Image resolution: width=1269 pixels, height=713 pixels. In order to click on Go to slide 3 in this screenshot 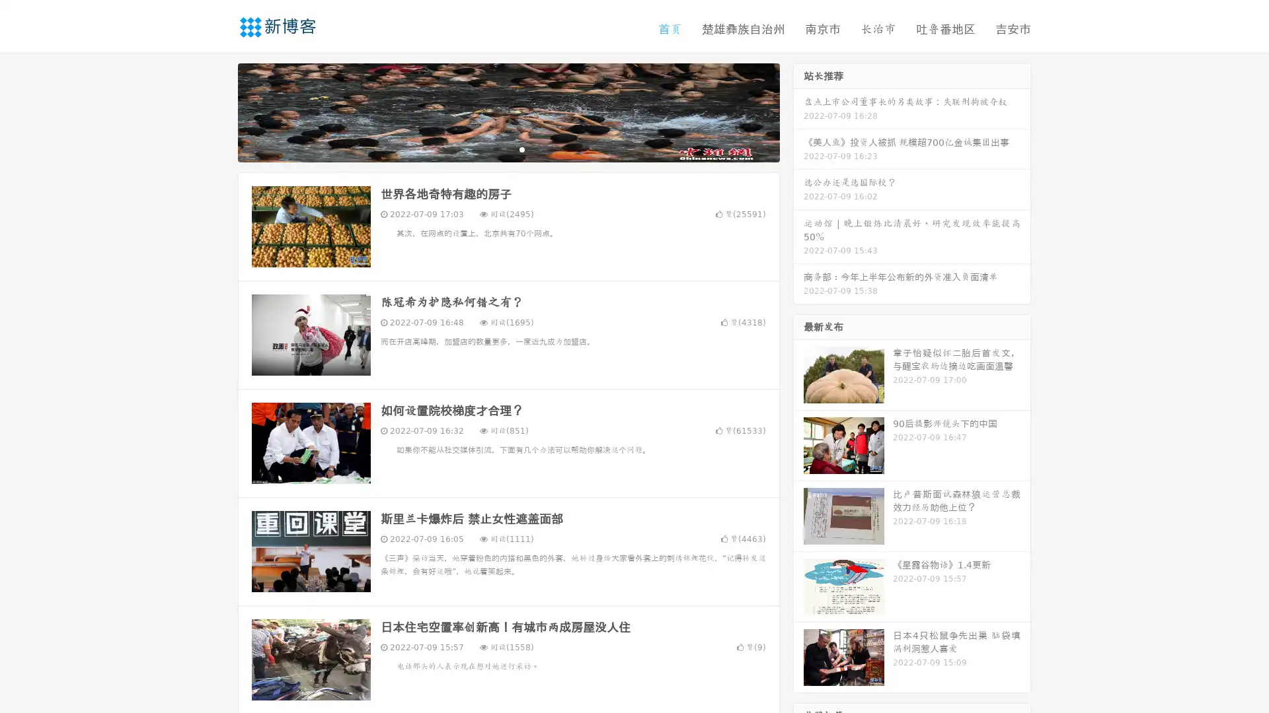, I will do `click(521, 149)`.